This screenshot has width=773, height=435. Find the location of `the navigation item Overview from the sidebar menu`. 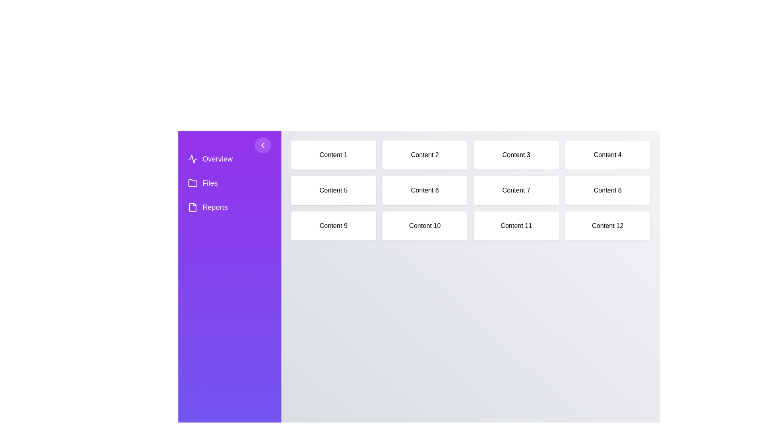

the navigation item Overview from the sidebar menu is located at coordinates (229, 159).